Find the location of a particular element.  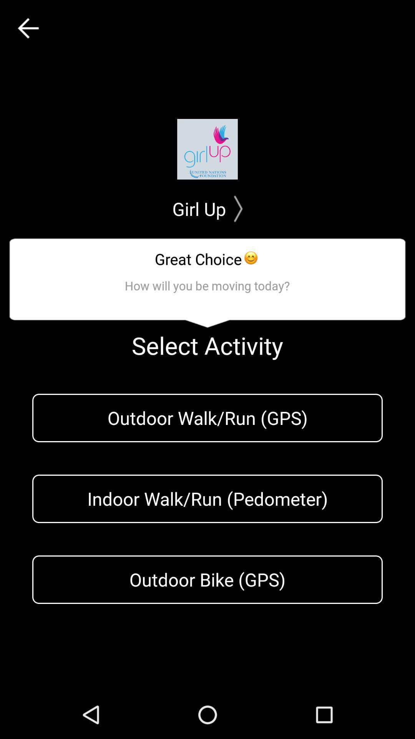

girl up icon is located at coordinates (207, 209).